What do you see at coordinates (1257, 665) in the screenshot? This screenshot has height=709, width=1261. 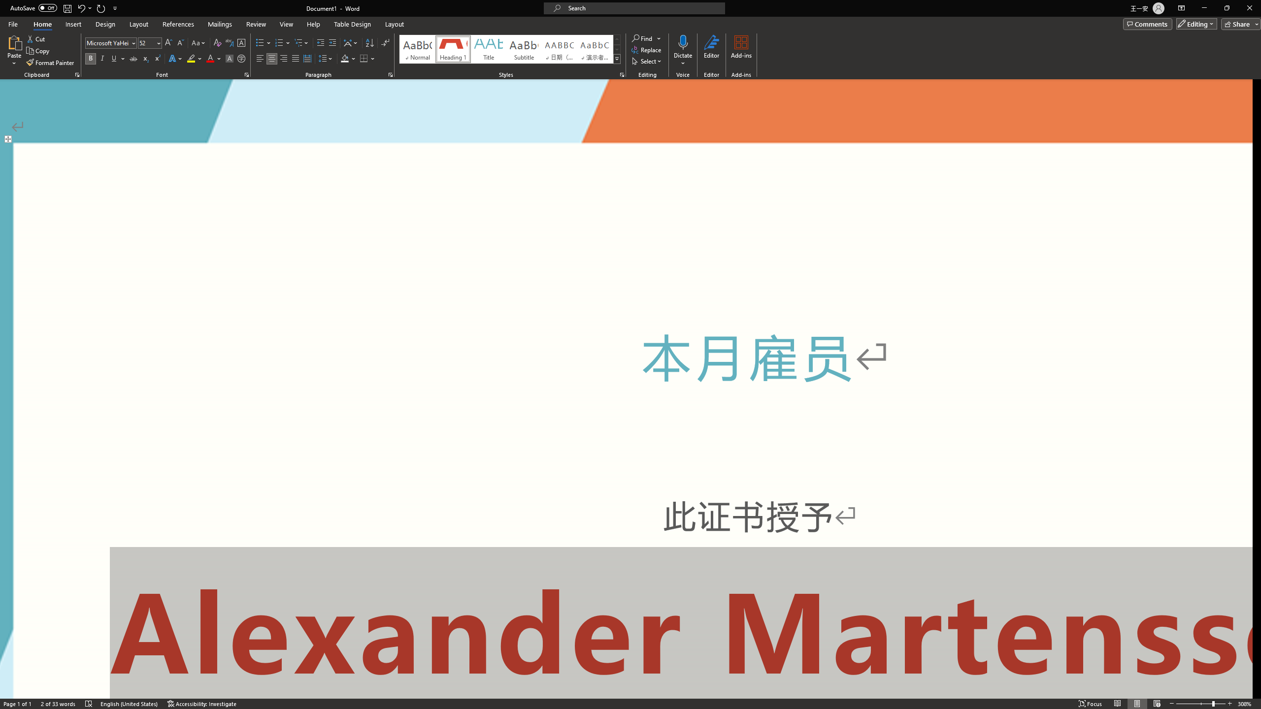 I see `'Line down'` at bounding box center [1257, 665].